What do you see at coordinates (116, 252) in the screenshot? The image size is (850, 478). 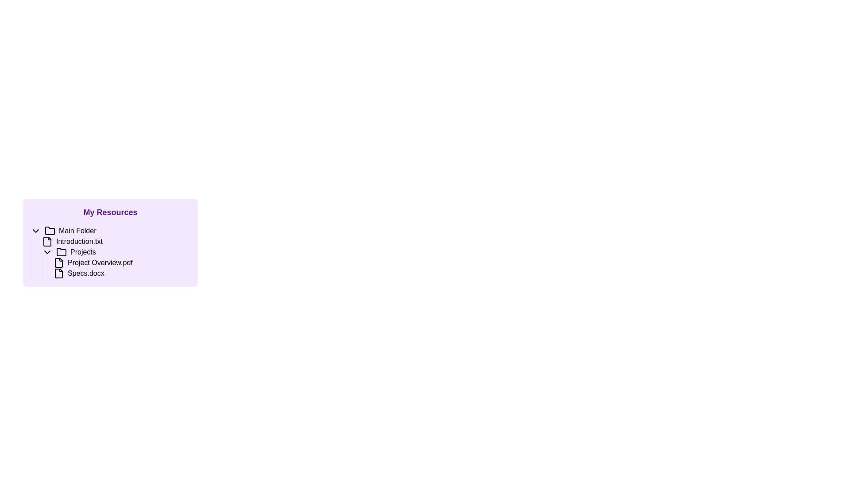 I see `the folder item in the tree view located at the second level under the 'Main Folder'` at bounding box center [116, 252].